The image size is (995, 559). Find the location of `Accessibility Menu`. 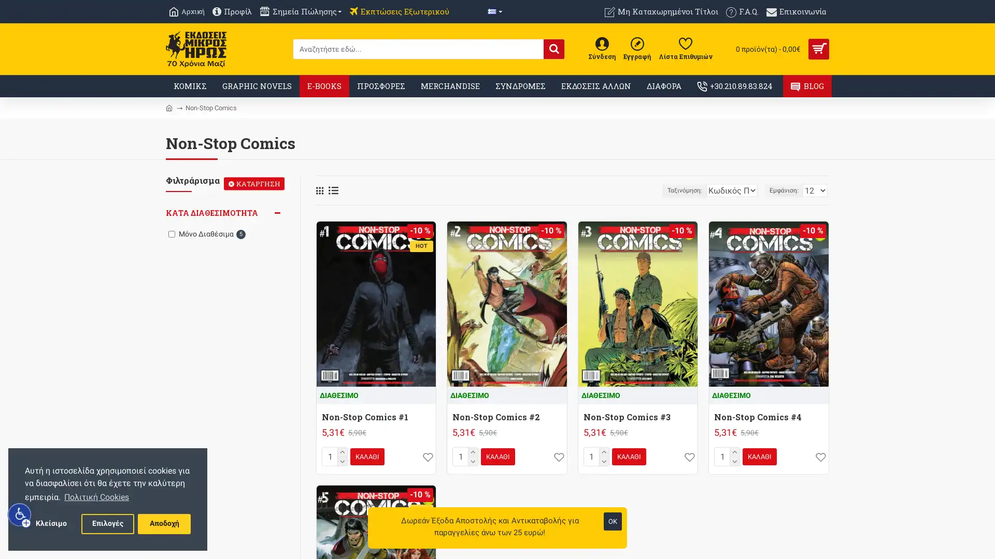

Accessibility Menu is located at coordinates (20, 514).